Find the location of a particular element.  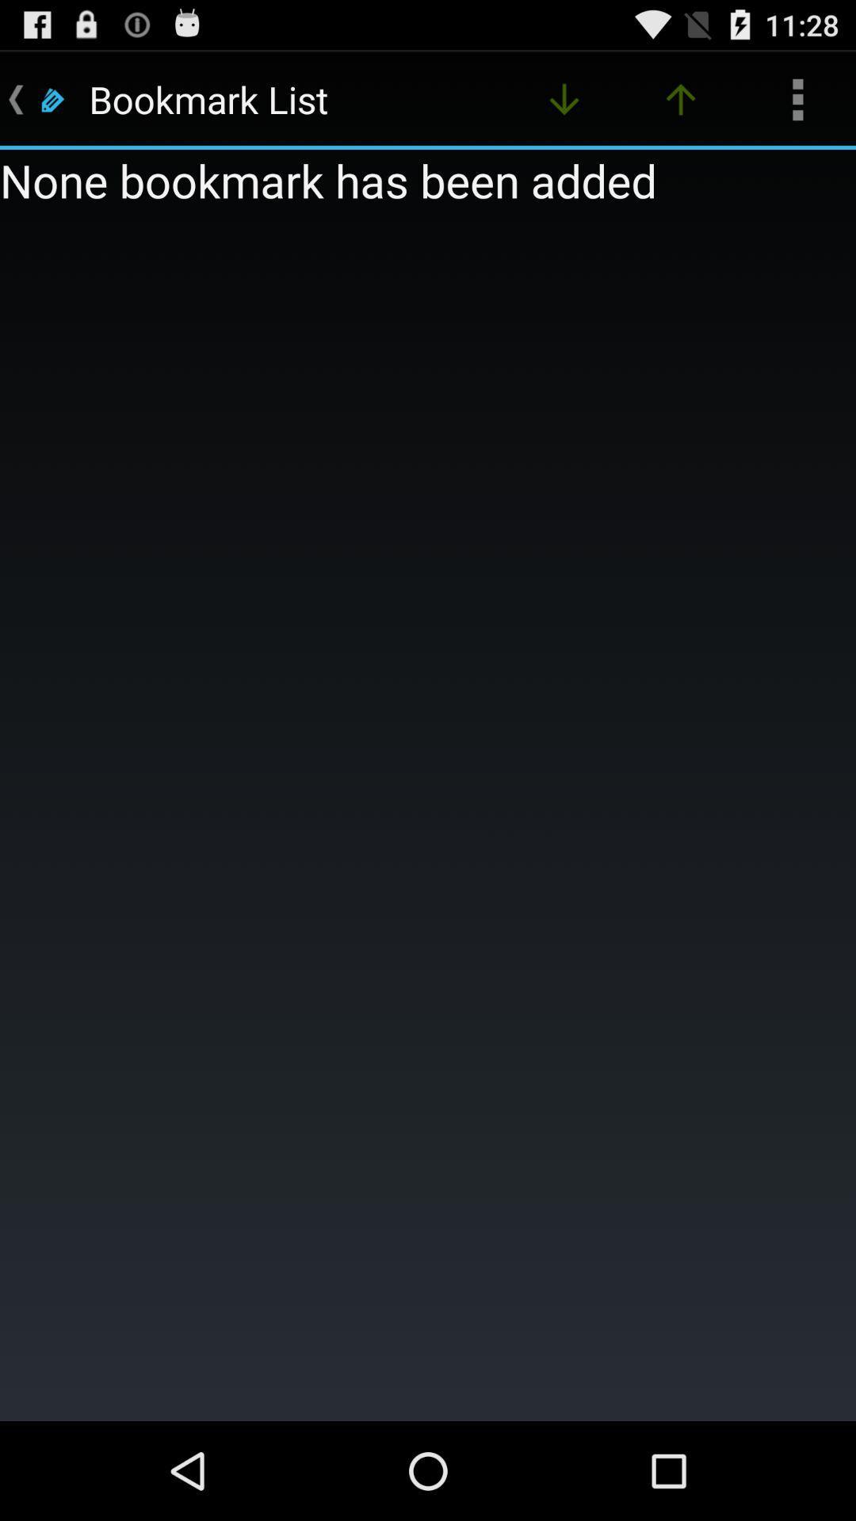

the app above none bookmark has item is located at coordinates (564, 98).